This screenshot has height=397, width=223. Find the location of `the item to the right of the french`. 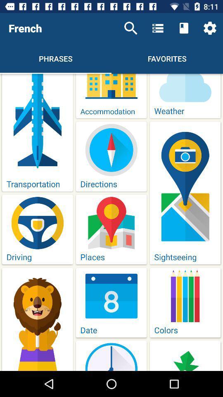

the item to the right of the french is located at coordinates (130, 28).